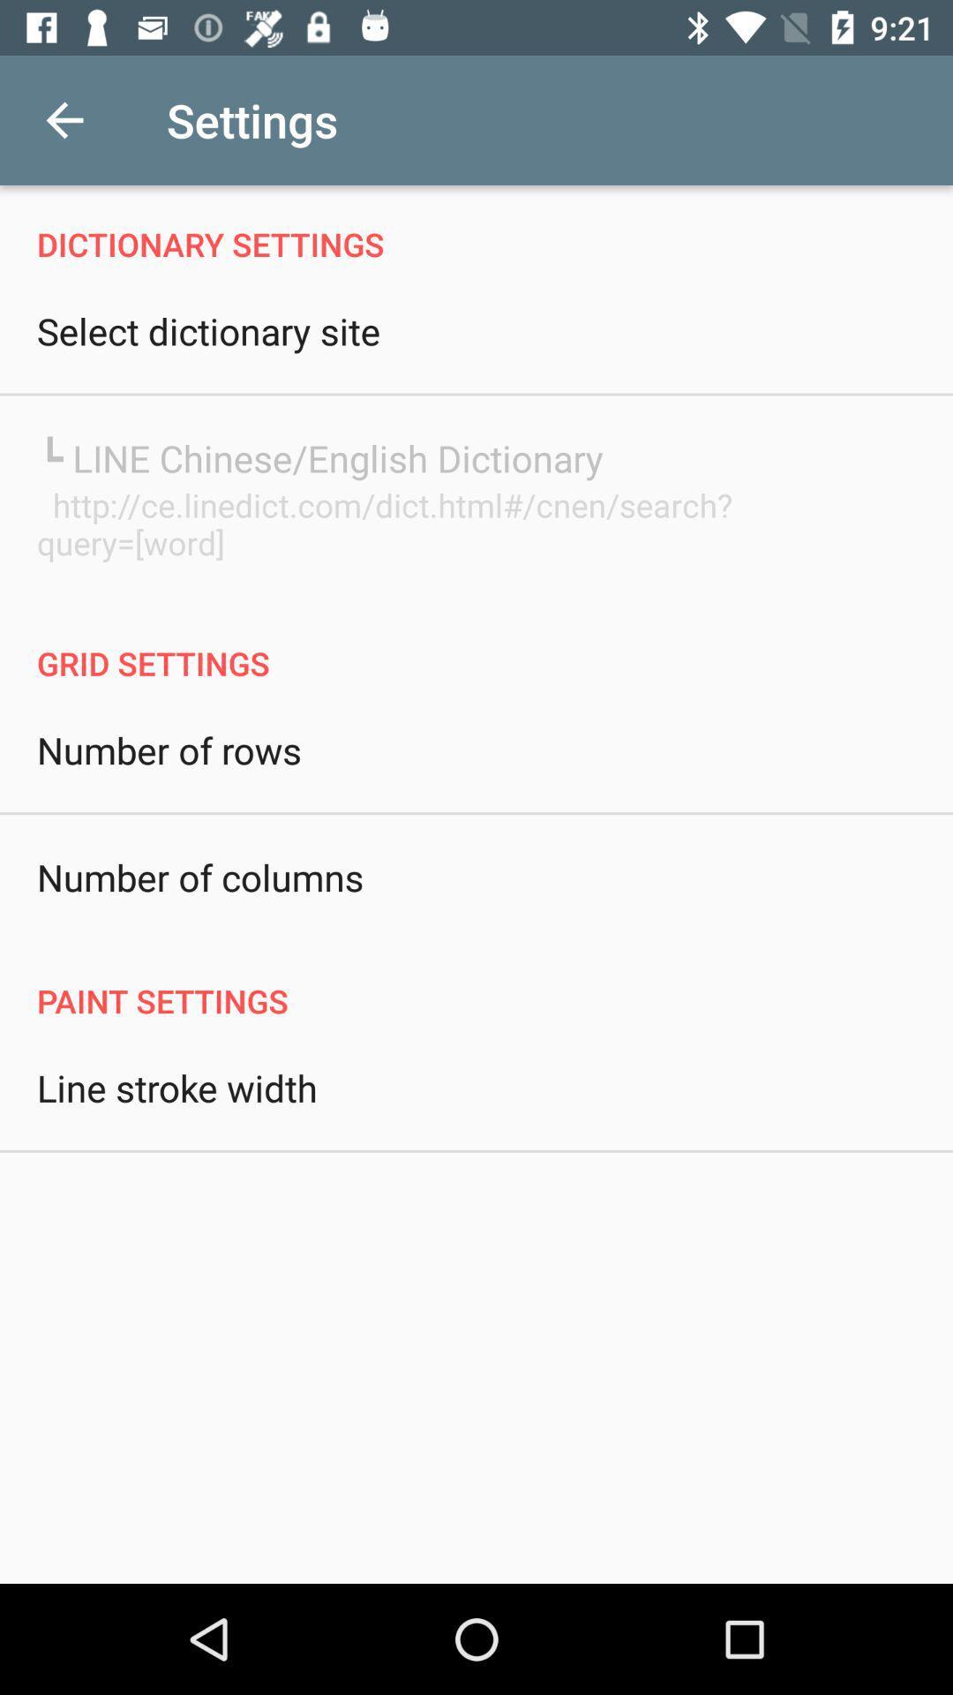  What do you see at coordinates (476, 982) in the screenshot?
I see `the paint settings icon` at bounding box center [476, 982].